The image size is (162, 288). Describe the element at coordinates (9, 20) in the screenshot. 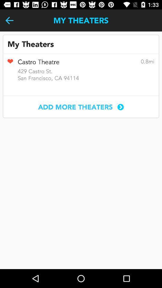

I see `item to the left of the my theaters icon` at that location.